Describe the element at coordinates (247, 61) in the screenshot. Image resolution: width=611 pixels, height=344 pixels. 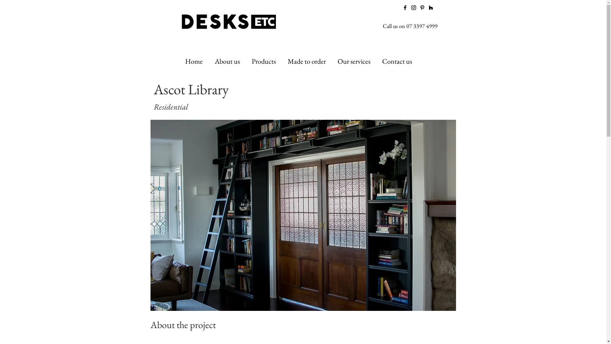
I see `'Products'` at that location.